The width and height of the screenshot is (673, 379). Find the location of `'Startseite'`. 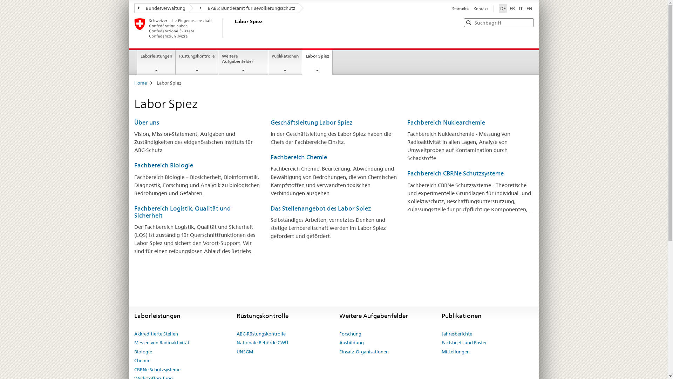

'Startseite' is located at coordinates (452, 8).